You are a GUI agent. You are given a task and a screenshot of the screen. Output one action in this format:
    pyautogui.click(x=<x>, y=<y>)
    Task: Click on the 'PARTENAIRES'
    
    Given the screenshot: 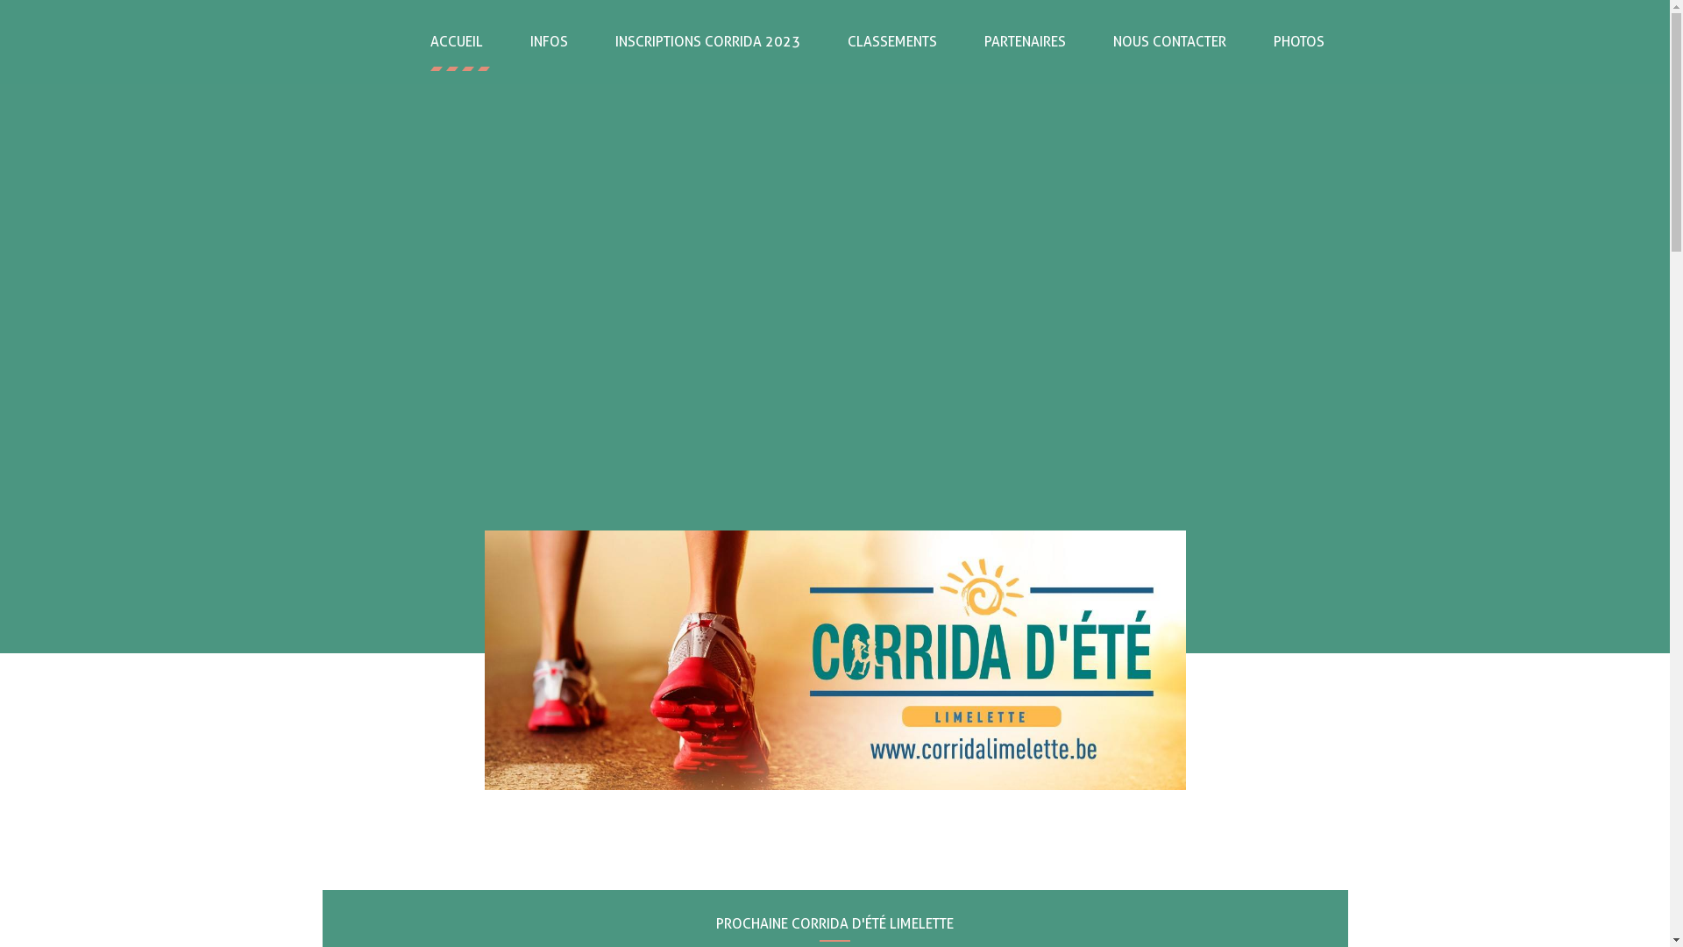 What is the action you would take?
    pyautogui.click(x=1025, y=40)
    